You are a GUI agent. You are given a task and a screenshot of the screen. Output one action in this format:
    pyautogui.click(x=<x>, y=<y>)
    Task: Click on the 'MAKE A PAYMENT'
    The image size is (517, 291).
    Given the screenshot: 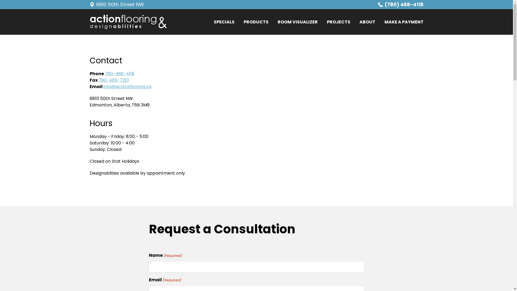 What is the action you would take?
    pyautogui.click(x=404, y=22)
    